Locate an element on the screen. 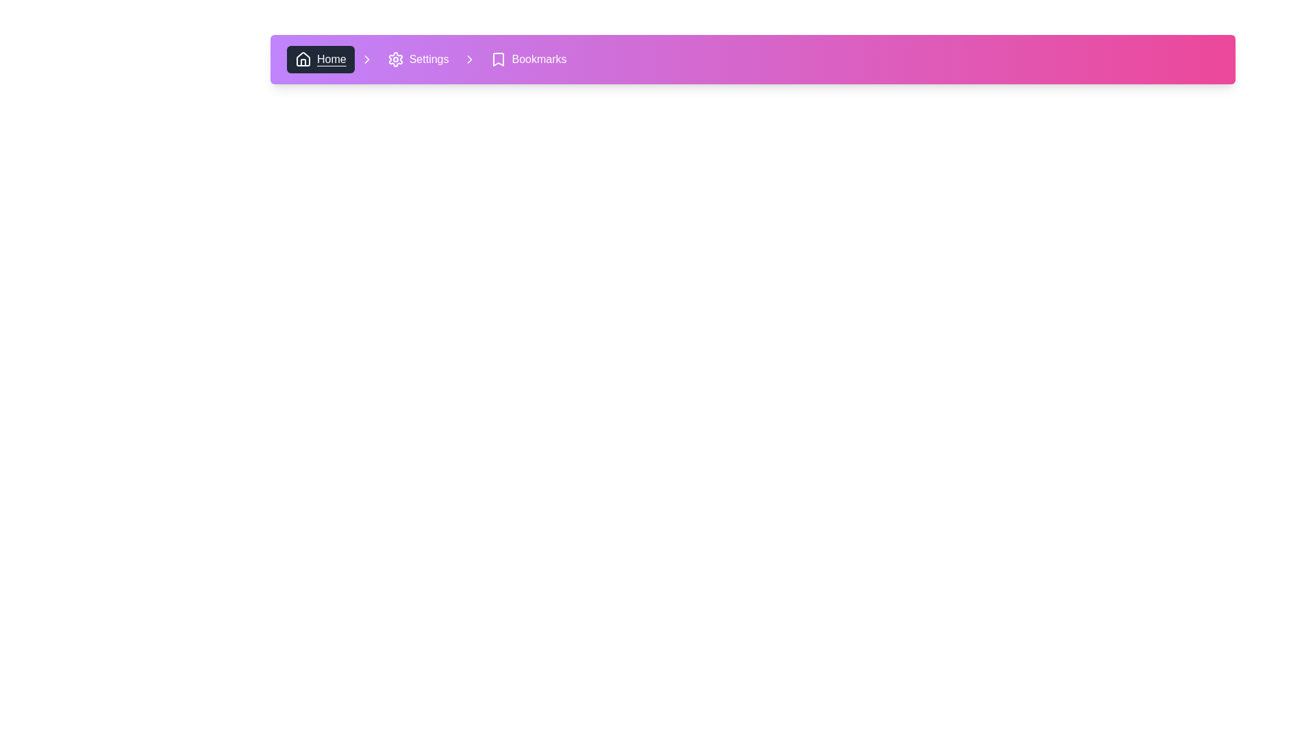  the 'Settings' text label located in the top navigation bar, which is styled in white font and positioned next to a settings icon is located at coordinates (428, 59).